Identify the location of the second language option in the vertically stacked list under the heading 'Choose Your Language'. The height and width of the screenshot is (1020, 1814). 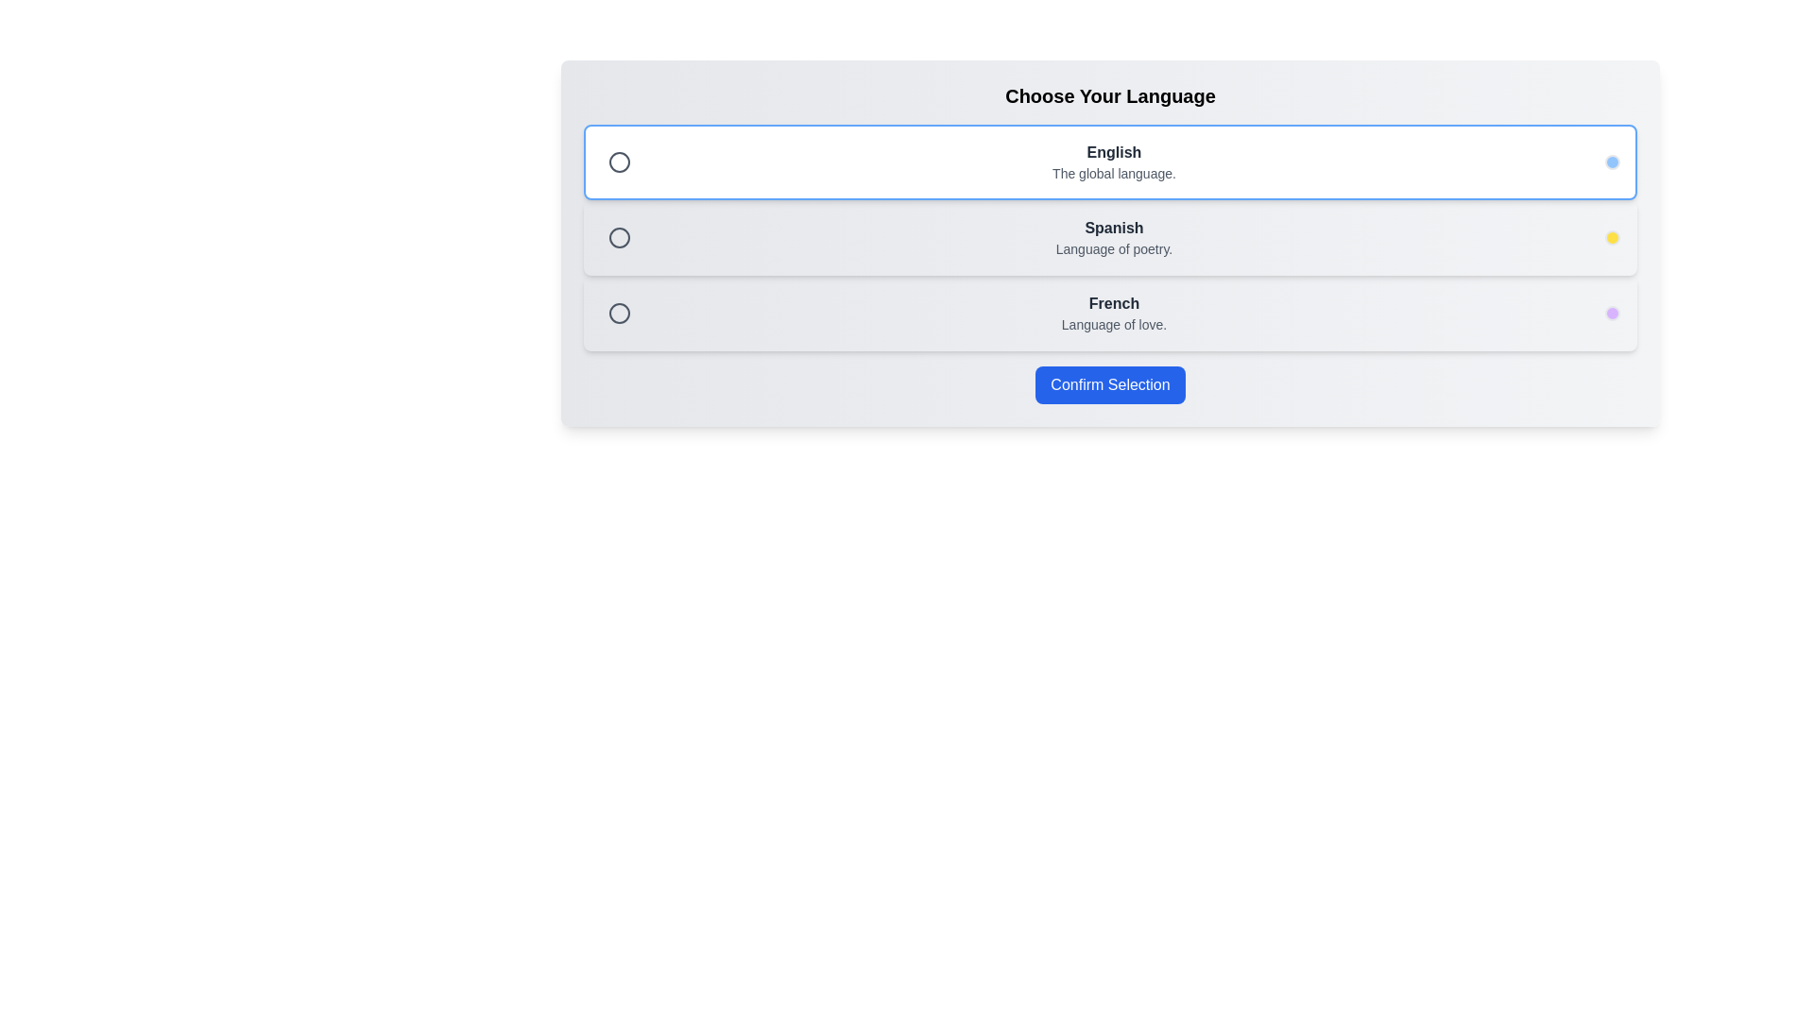
(1110, 236).